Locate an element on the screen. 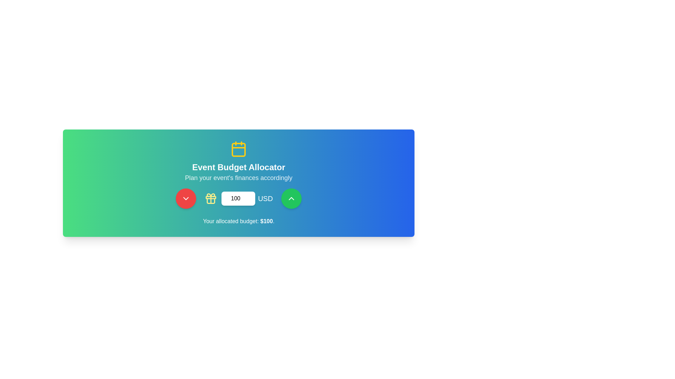 This screenshot has width=675, height=379. the upward-facing chevron icon, which is white on a green circular background is located at coordinates (291, 199).